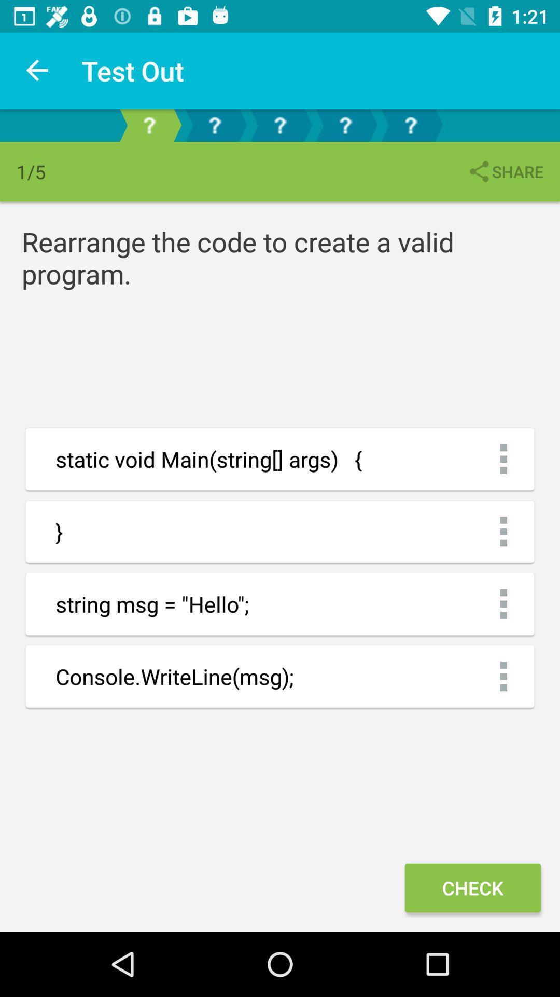  Describe the element at coordinates (345, 125) in the screenshot. I see `that` at that location.